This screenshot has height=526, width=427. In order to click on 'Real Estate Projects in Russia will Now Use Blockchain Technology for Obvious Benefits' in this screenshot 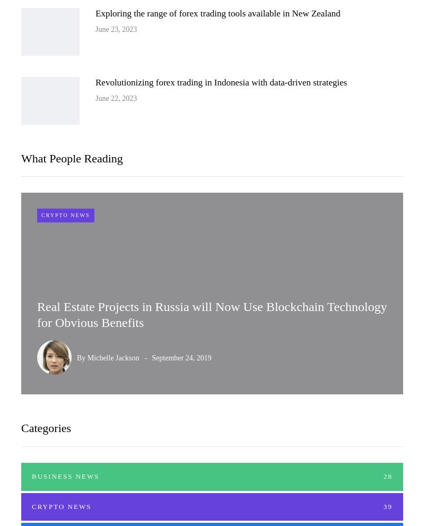, I will do `click(212, 315)`.